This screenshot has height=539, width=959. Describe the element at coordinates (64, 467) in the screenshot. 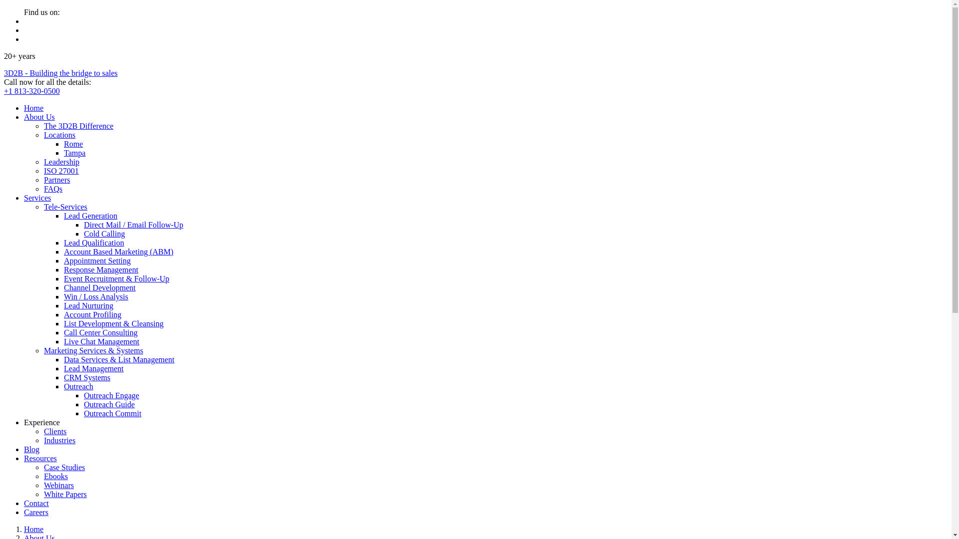

I see `'Case Studies'` at that location.